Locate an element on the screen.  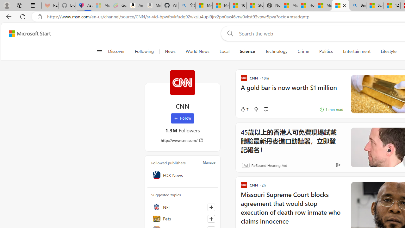
'Follow this topic' is located at coordinates (211, 218).